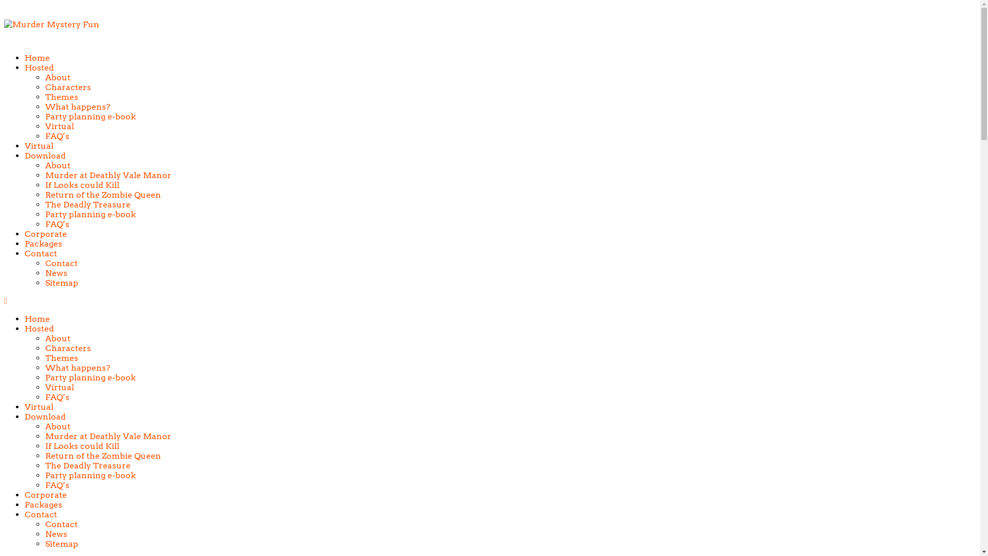 The width and height of the screenshot is (988, 556). Describe the element at coordinates (44, 155) in the screenshot. I see `'Download'` at that location.